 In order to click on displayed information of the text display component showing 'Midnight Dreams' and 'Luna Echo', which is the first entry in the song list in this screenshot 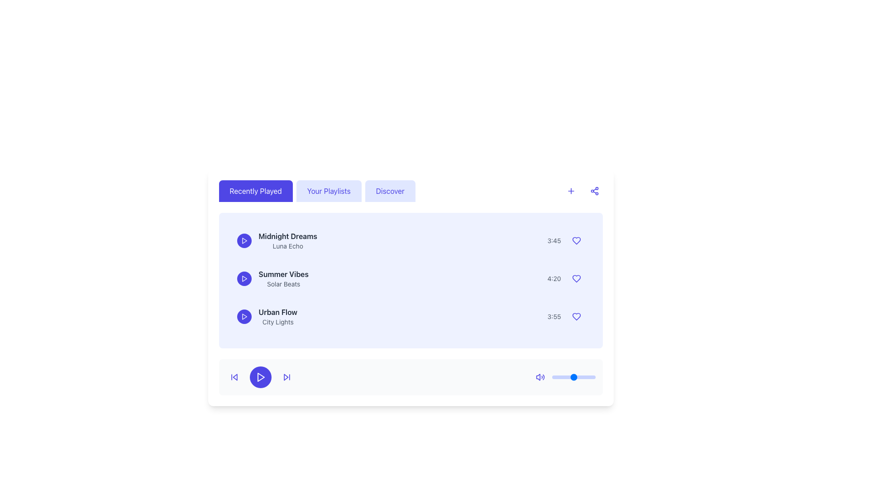, I will do `click(277, 240)`.